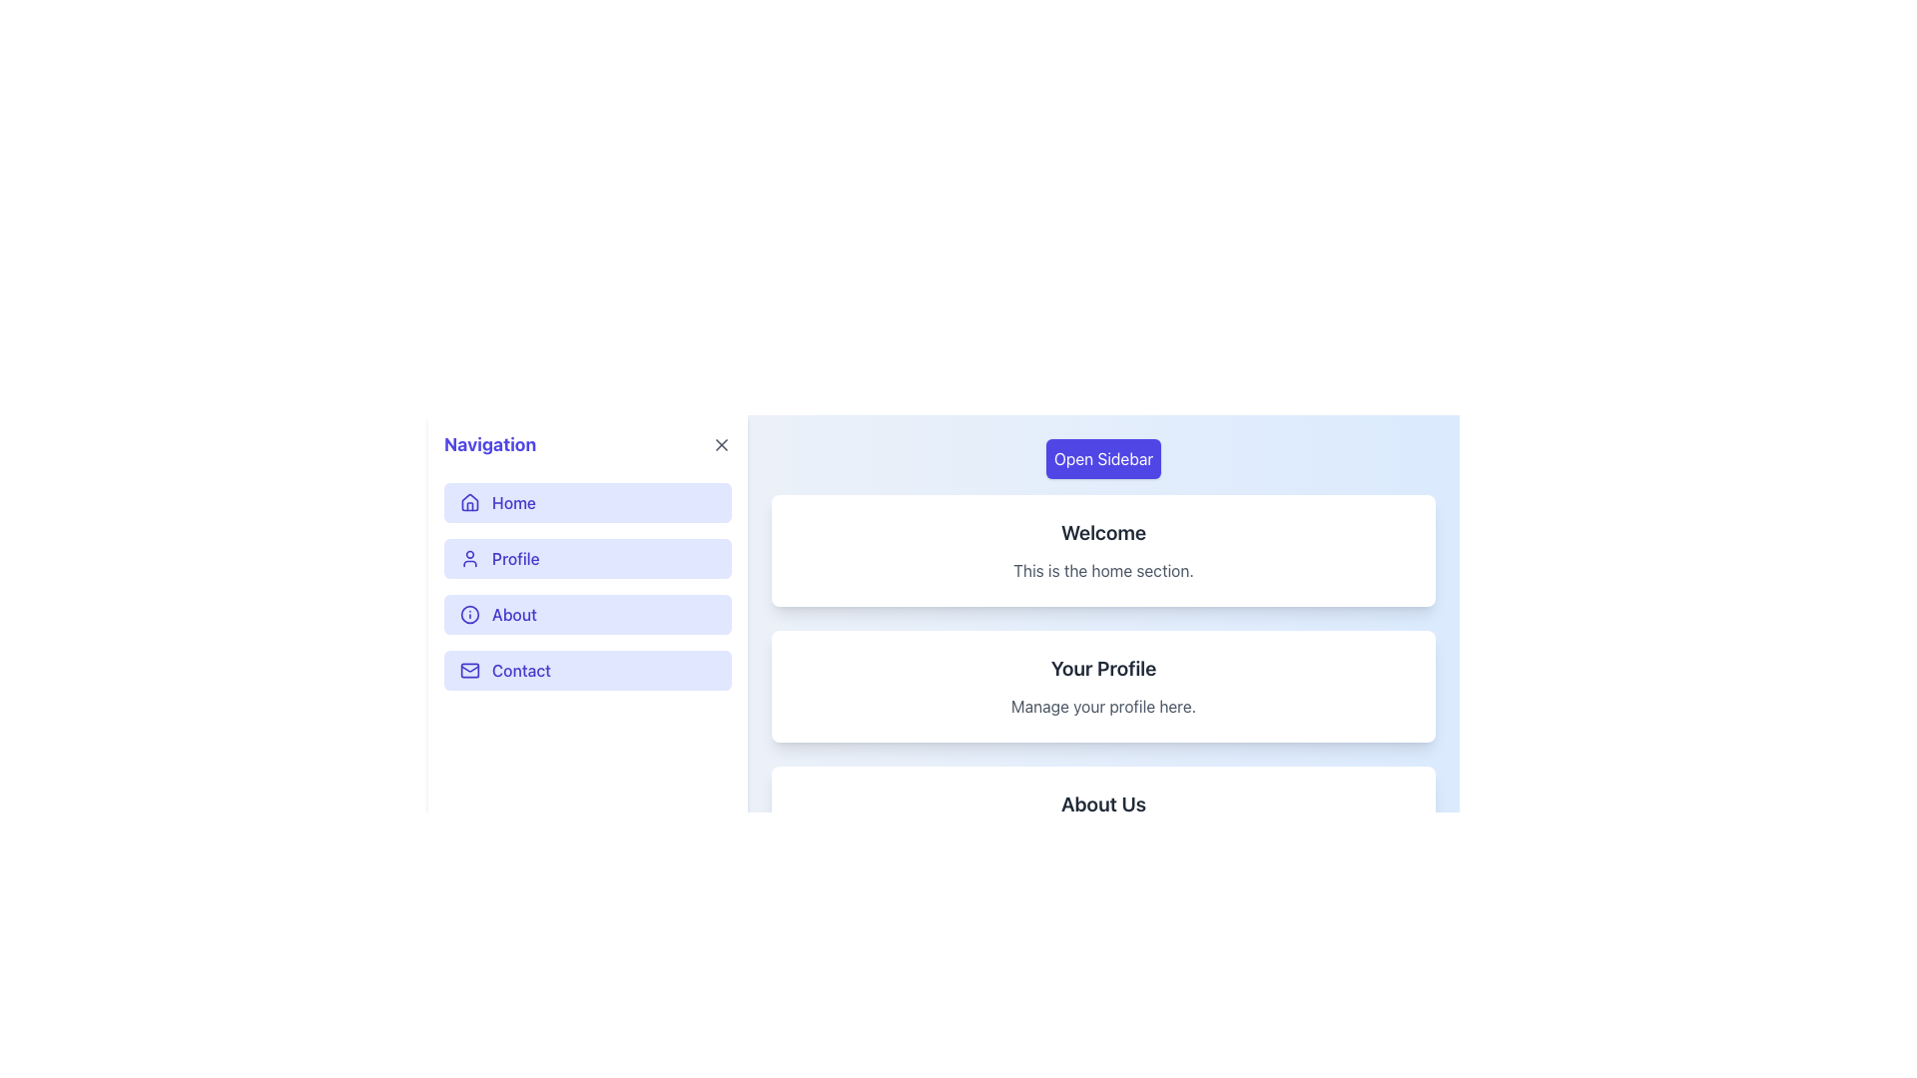 The width and height of the screenshot is (1917, 1078). Describe the element at coordinates (514, 614) in the screenshot. I see `the 'About' text label, which is bold and part of a button group in the left navigation menu, positioned between 'Profile' and 'Contact'` at that location.